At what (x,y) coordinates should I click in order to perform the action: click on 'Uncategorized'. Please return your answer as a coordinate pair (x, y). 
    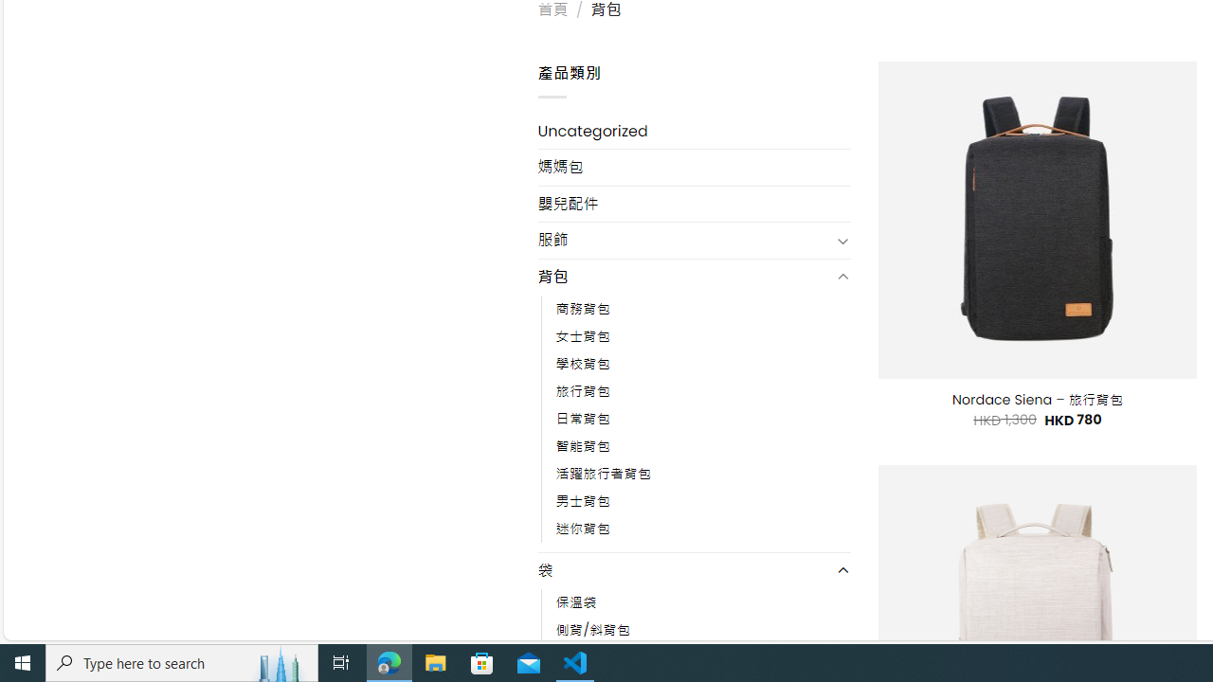
    Looking at the image, I should click on (693, 130).